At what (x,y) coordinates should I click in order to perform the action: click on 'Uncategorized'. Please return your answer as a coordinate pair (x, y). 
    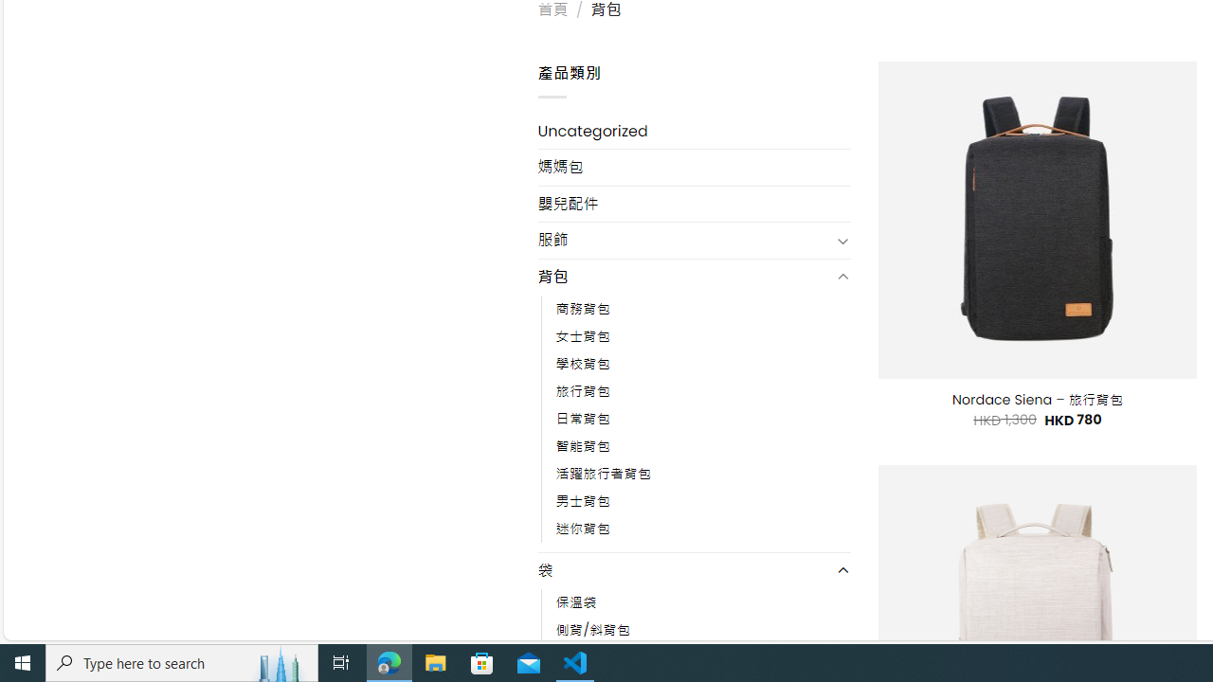
    Looking at the image, I should click on (693, 130).